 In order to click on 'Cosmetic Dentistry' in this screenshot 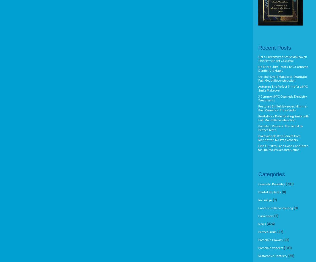, I will do `click(271, 184)`.